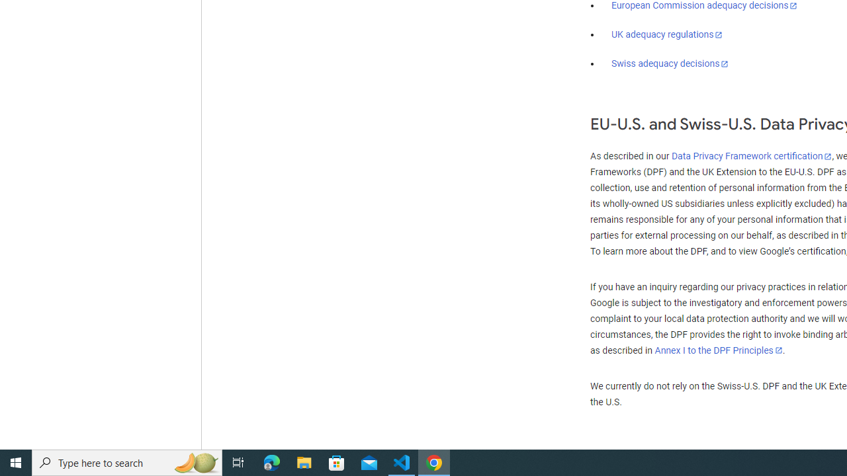  Describe the element at coordinates (670, 63) in the screenshot. I see `'Swiss adequacy decisions'` at that location.